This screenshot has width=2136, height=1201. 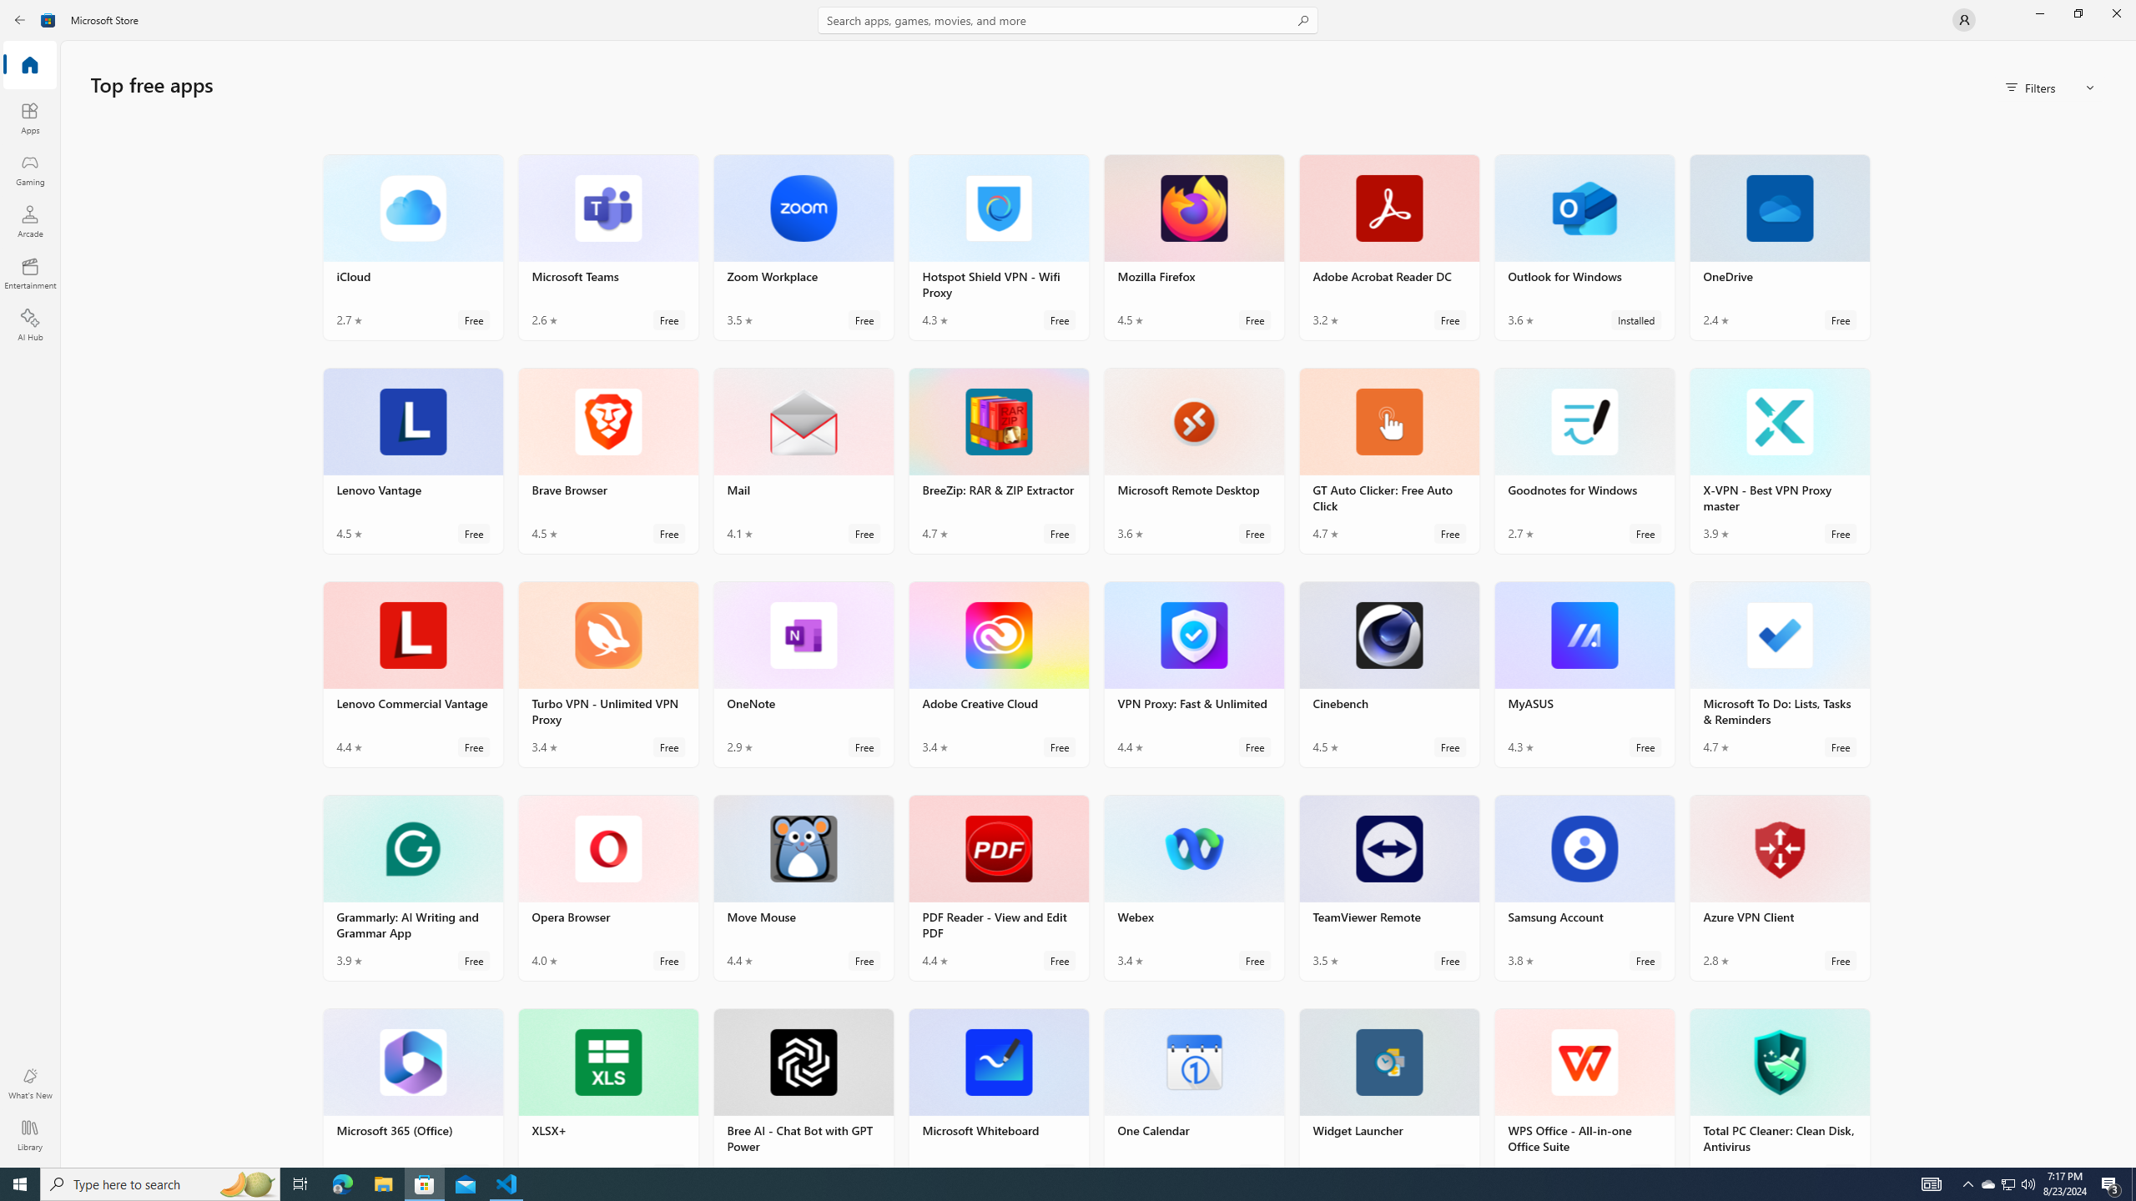 I want to click on 'iCloud. Average rating of 2.7 out of five stars. Free  ', so click(x=412, y=245).